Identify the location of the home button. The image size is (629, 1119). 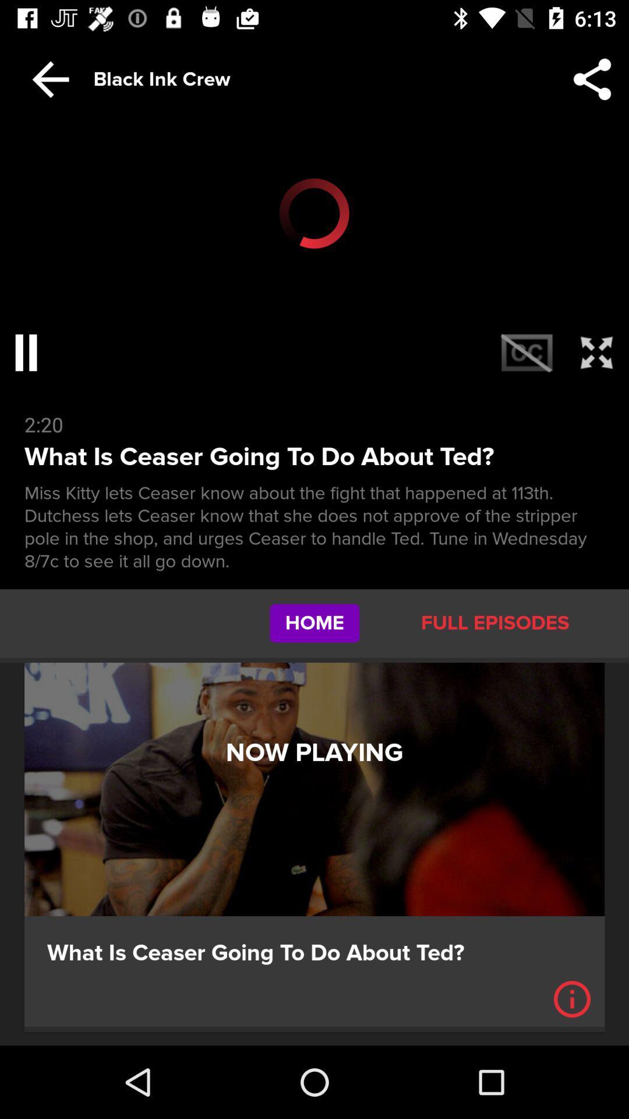
(314, 623).